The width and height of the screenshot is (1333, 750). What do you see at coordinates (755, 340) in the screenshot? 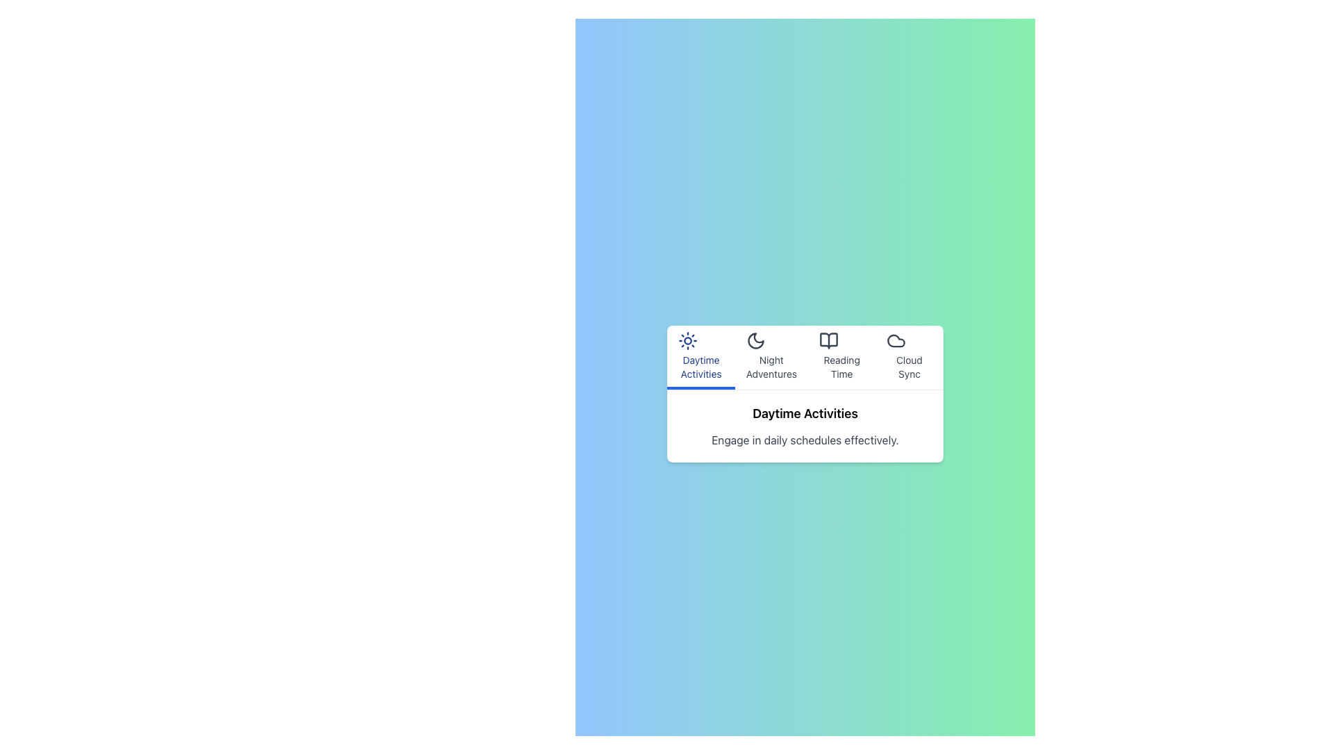
I see `the crescent moon icon located in the second position of the horizontal navigation bar, which is part of a white card component on a gradient background` at bounding box center [755, 340].